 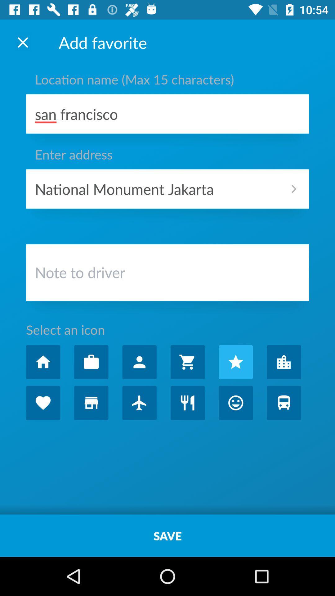 What do you see at coordinates (91, 362) in the screenshot?
I see `item` at bounding box center [91, 362].